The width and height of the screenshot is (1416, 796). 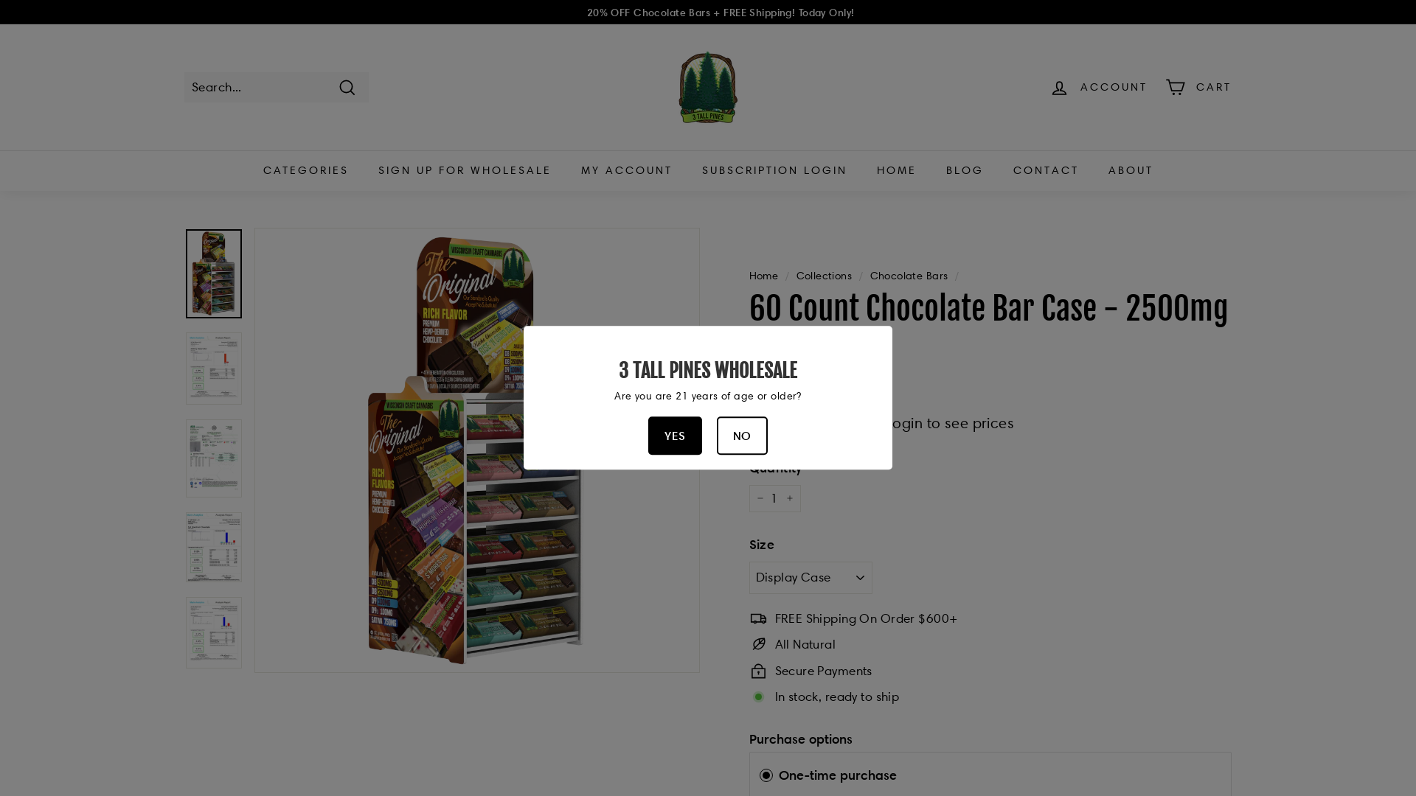 I want to click on 'SIGN UP FOR WHOLESALE', so click(x=463, y=170).